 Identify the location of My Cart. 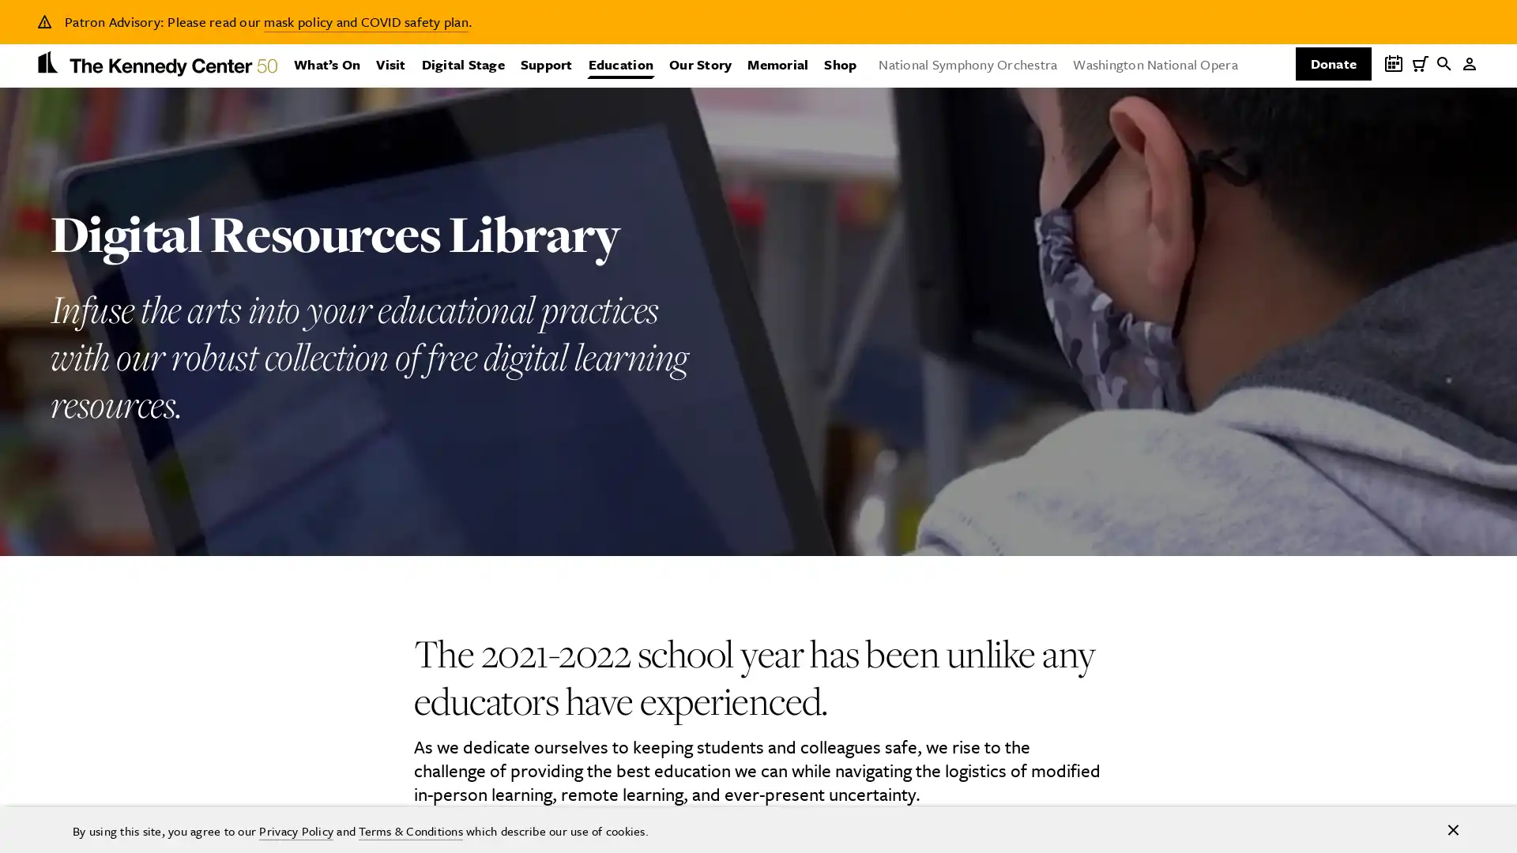
(1418, 63).